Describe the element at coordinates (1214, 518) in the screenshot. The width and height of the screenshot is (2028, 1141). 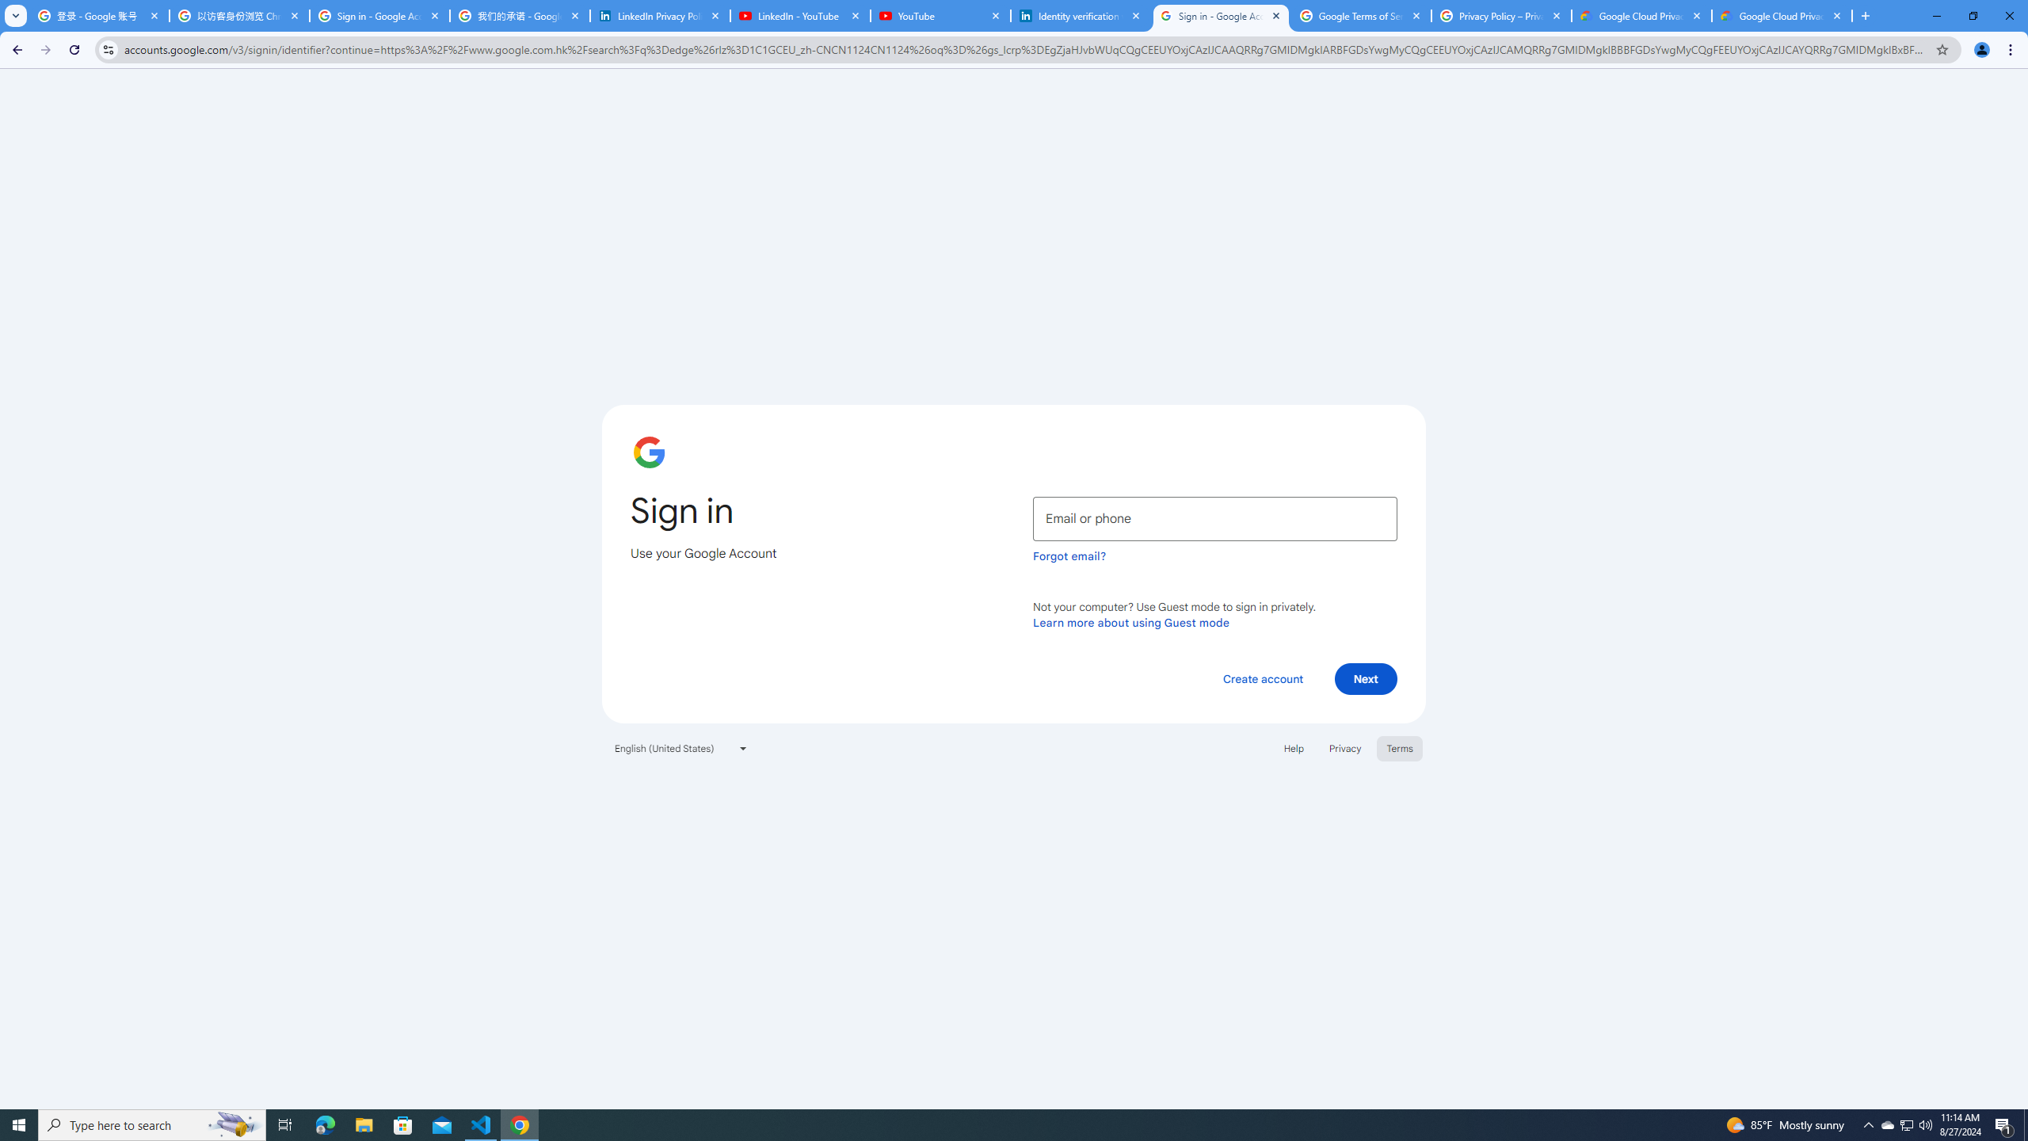
I see `'Email or phone'` at that location.